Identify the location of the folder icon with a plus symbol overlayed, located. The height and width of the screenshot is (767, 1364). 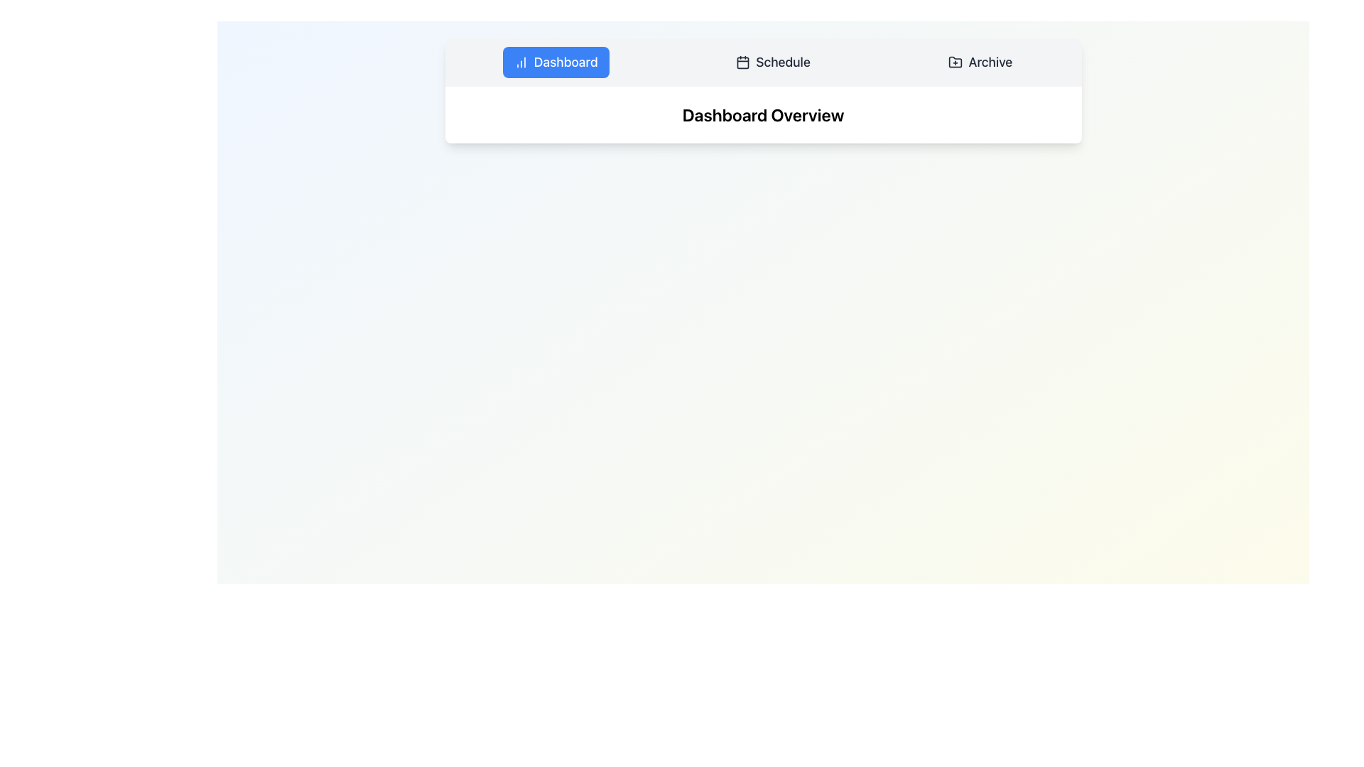
(956, 61).